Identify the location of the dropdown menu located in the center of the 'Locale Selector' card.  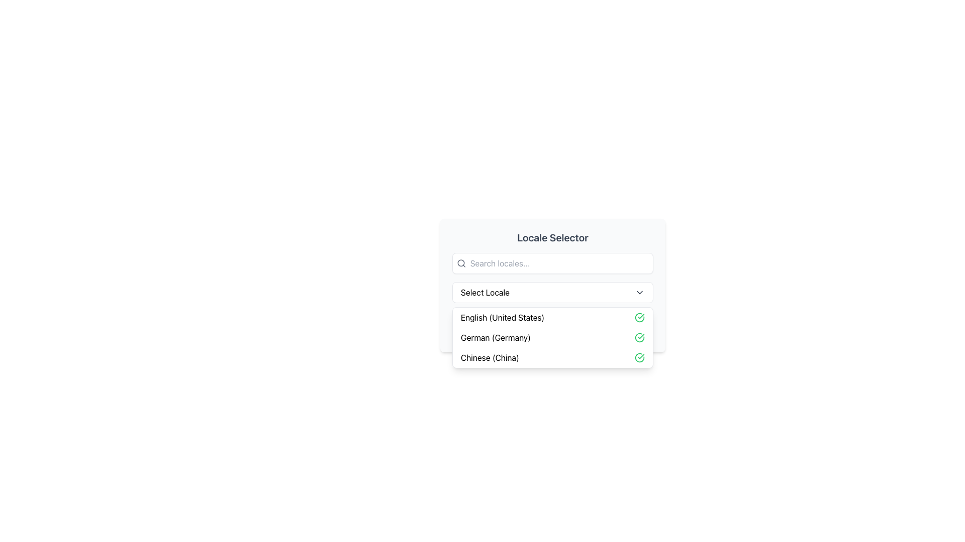
(552, 292).